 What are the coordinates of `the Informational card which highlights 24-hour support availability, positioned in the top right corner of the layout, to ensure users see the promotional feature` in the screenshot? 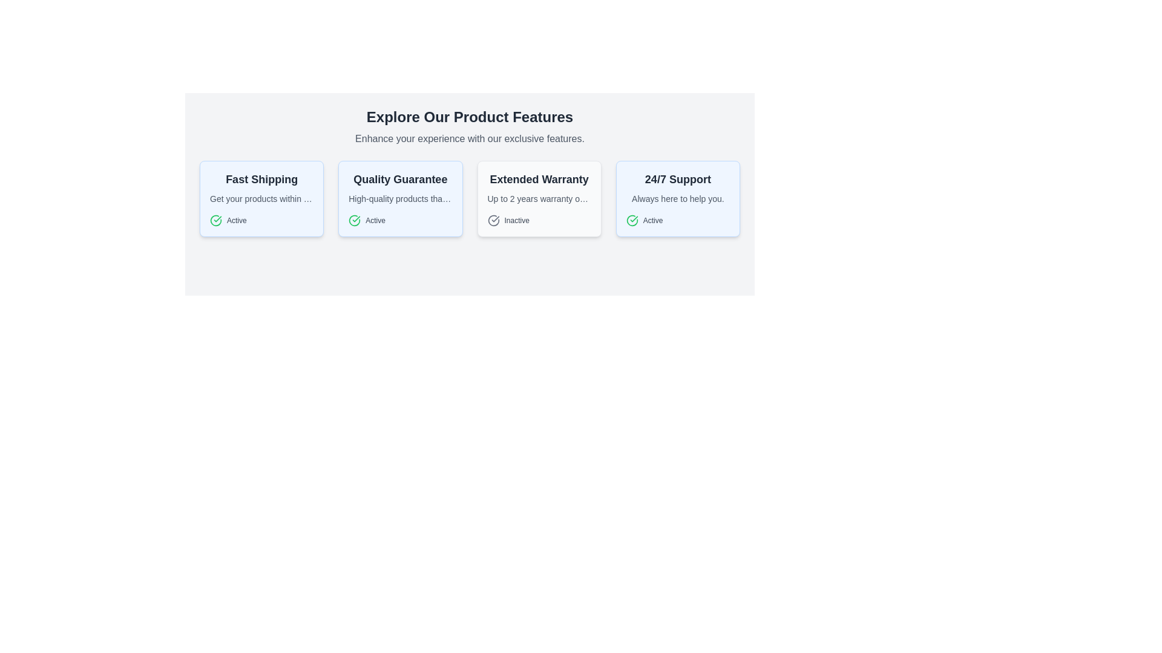 It's located at (678, 198).